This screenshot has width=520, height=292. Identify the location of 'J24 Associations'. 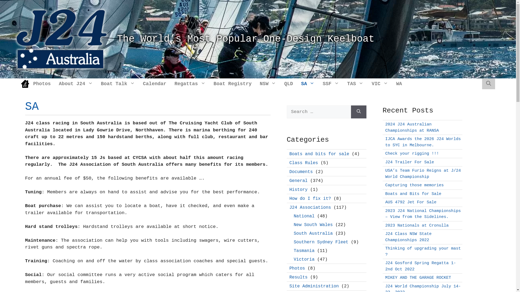
(310, 207).